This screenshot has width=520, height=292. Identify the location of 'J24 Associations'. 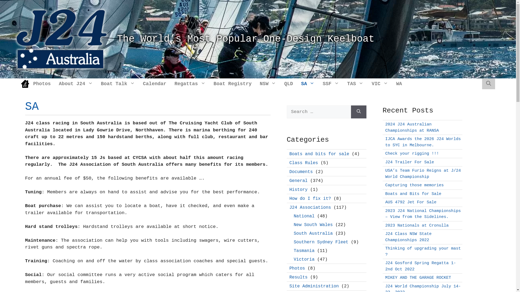
(310, 207).